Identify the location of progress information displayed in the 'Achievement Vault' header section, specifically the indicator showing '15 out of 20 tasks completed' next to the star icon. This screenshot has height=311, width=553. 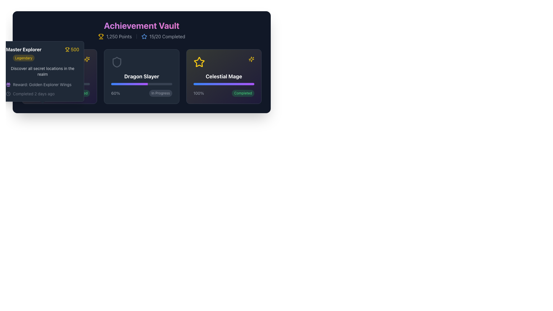
(163, 37).